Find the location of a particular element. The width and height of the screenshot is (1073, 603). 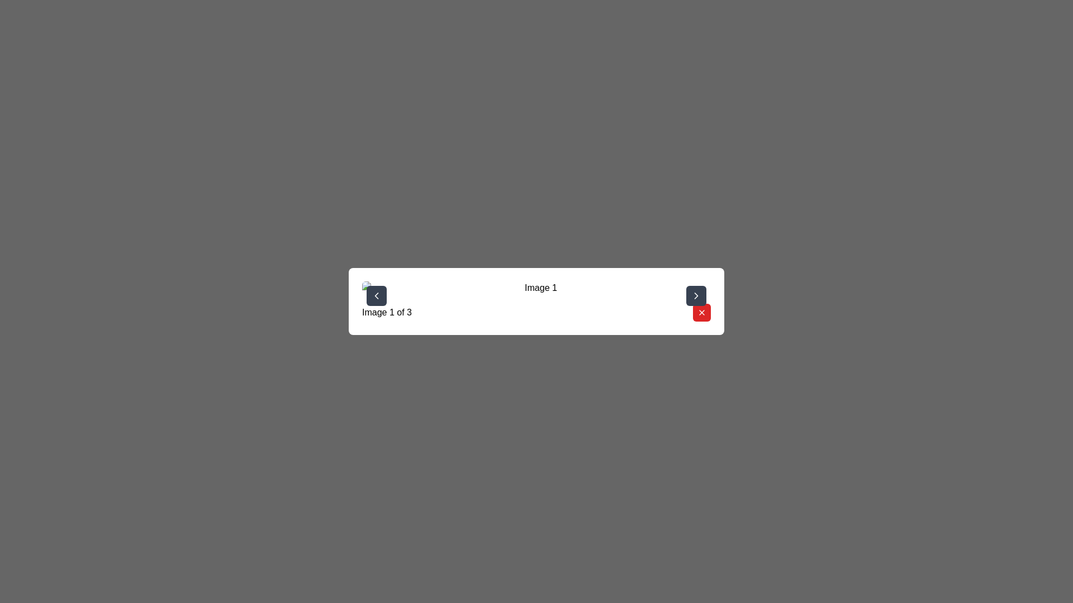

the 'Close' or 'Remove' button located to the right of the text 'Image 1 of 3' is located at coordinates (701, 312).